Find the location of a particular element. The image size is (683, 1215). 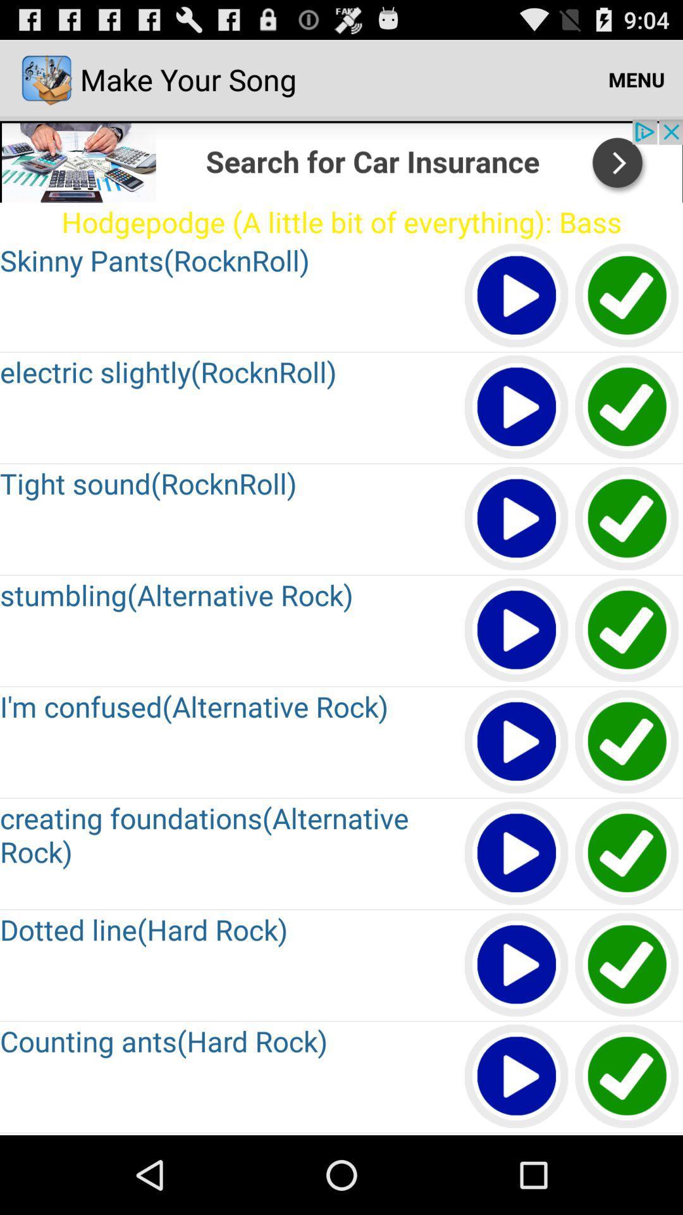

make advertisement is located at coordinates (341, 160).